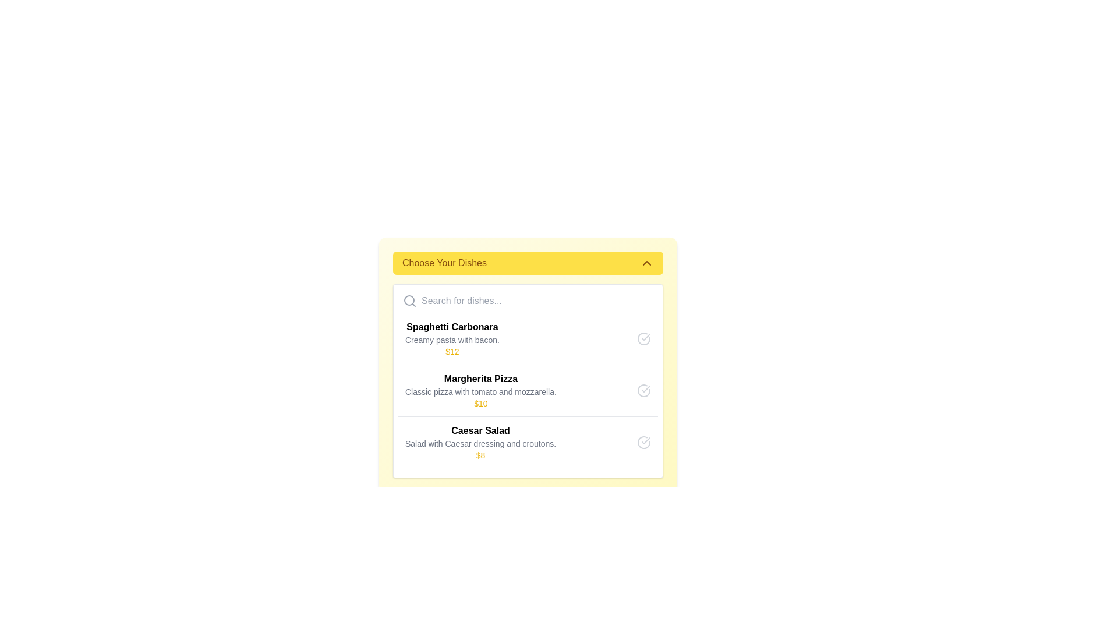 The height and width of the screenshot is (629, 1118). What do you see at coordinates (480, 431) in the screenshot?
I see `the 'Caesar Salad' text label element, which is a bold text label positioned at the top of a section containing meal information` at bounding box center [480, 431].